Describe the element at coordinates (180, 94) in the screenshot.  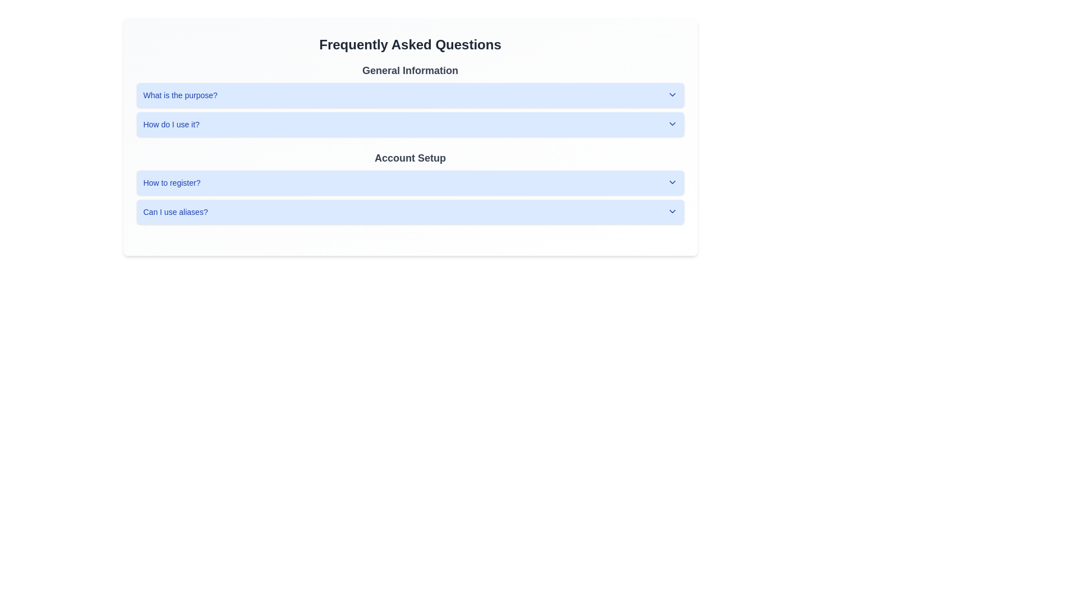
I see `text from the Text Label that contains 'What is the purpose?' which is styled in a medium-sized font and colored blue, located at the top of the 'General Information' section` at that location.